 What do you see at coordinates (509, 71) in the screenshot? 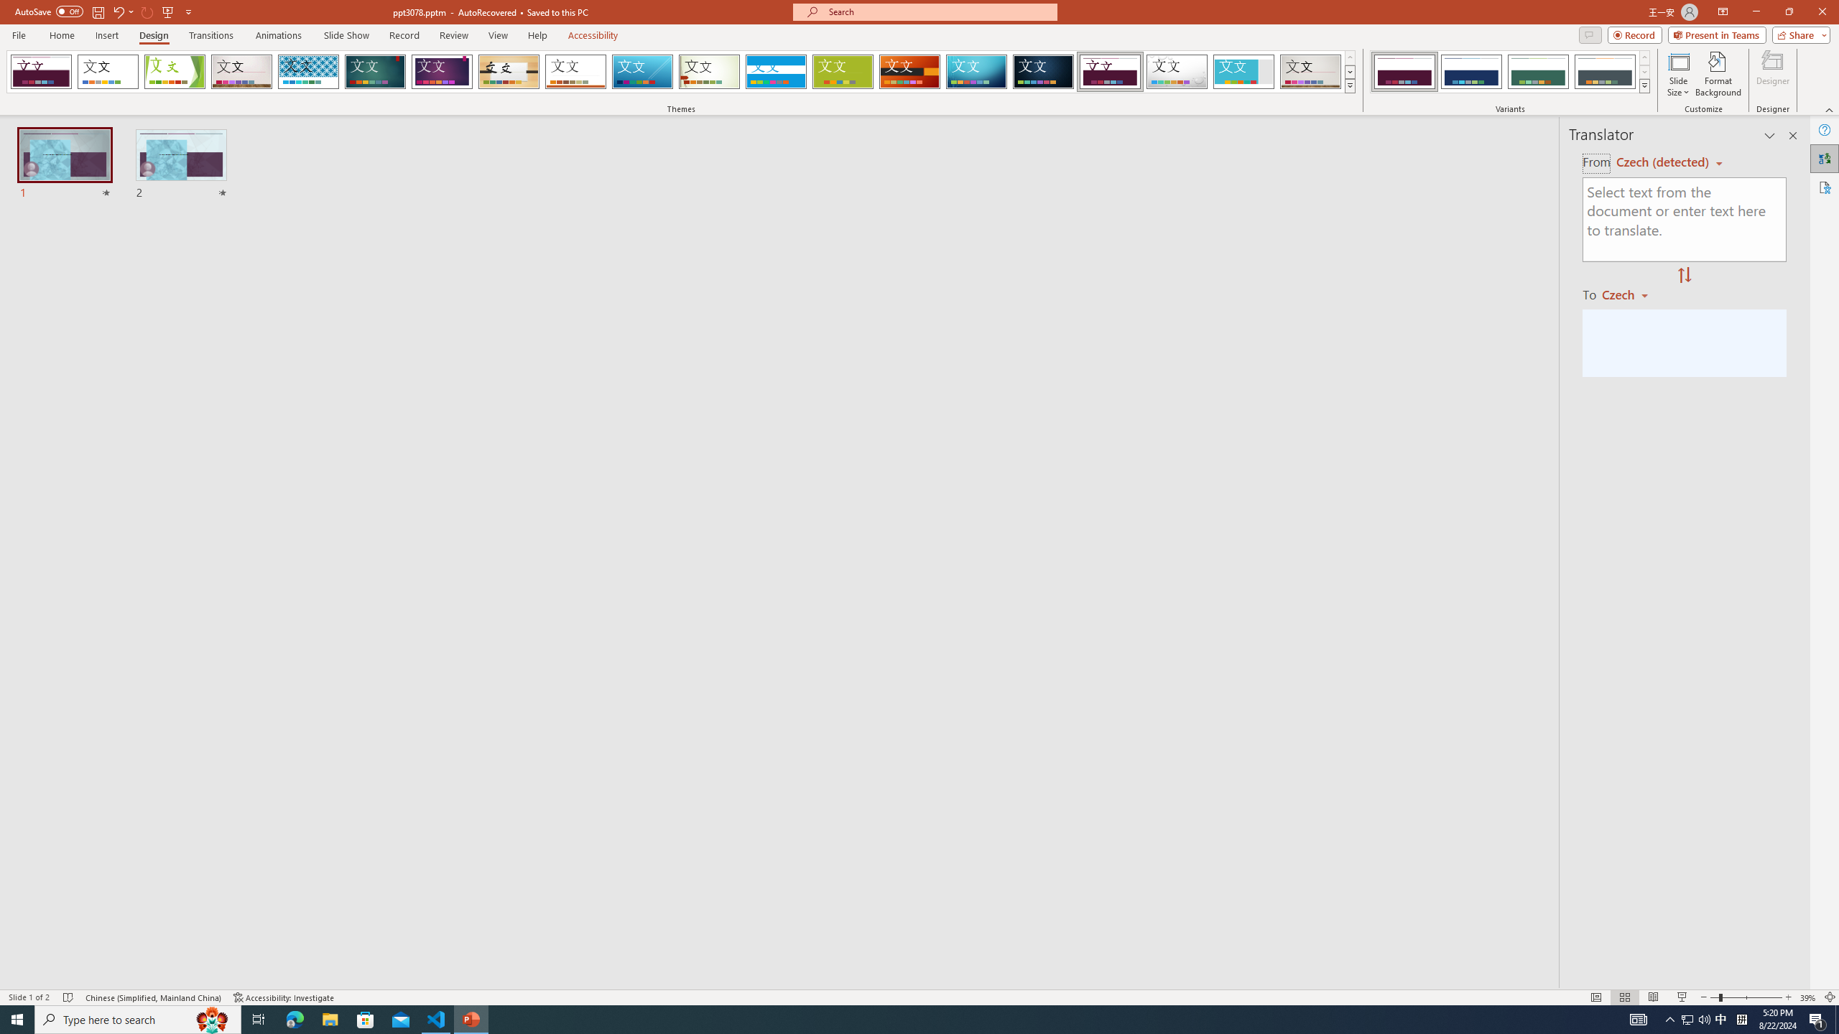
I see `'Organic'` at bounding box center [509, 71].